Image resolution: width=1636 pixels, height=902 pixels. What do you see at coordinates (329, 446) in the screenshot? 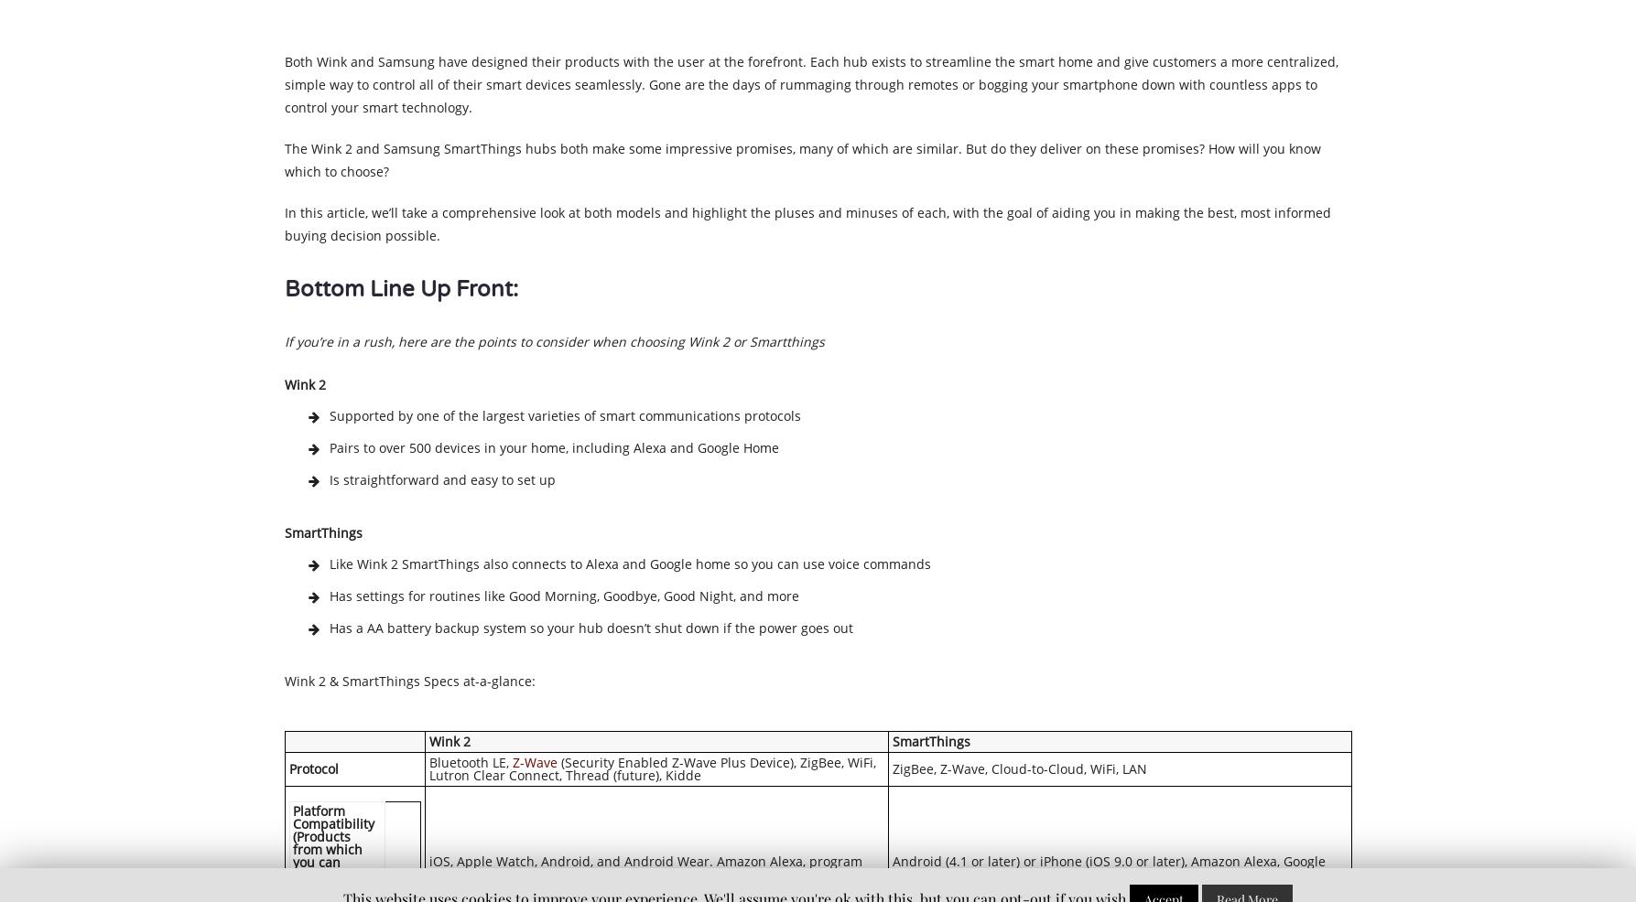
I see `'Pairs to over 500 devices in your home, including Alexa and Google Home'` at bounding box center [329, 446].